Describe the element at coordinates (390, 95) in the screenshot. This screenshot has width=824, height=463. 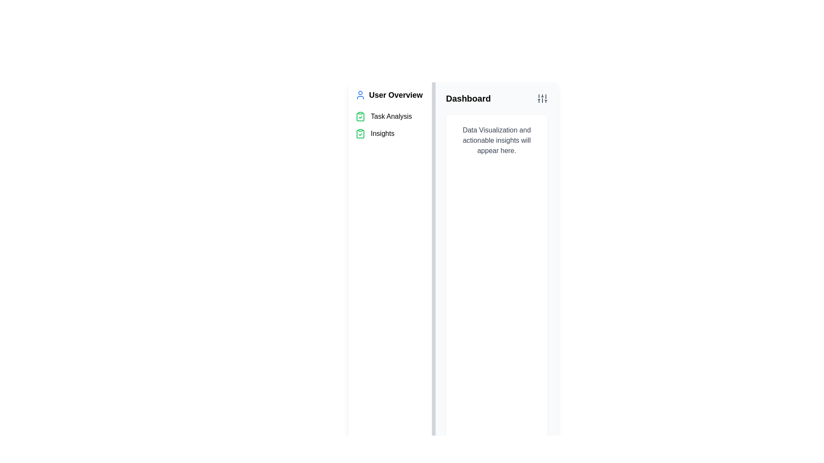
I see `the first navigation link in the left panel` at that location.